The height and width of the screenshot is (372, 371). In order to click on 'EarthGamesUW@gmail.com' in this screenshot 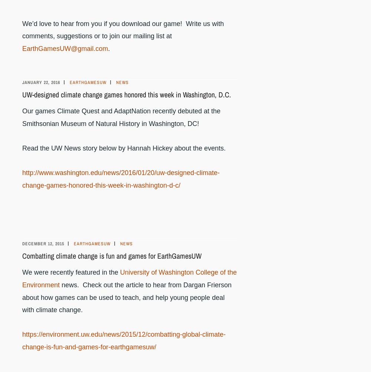, I will do `click(65, 48)`.